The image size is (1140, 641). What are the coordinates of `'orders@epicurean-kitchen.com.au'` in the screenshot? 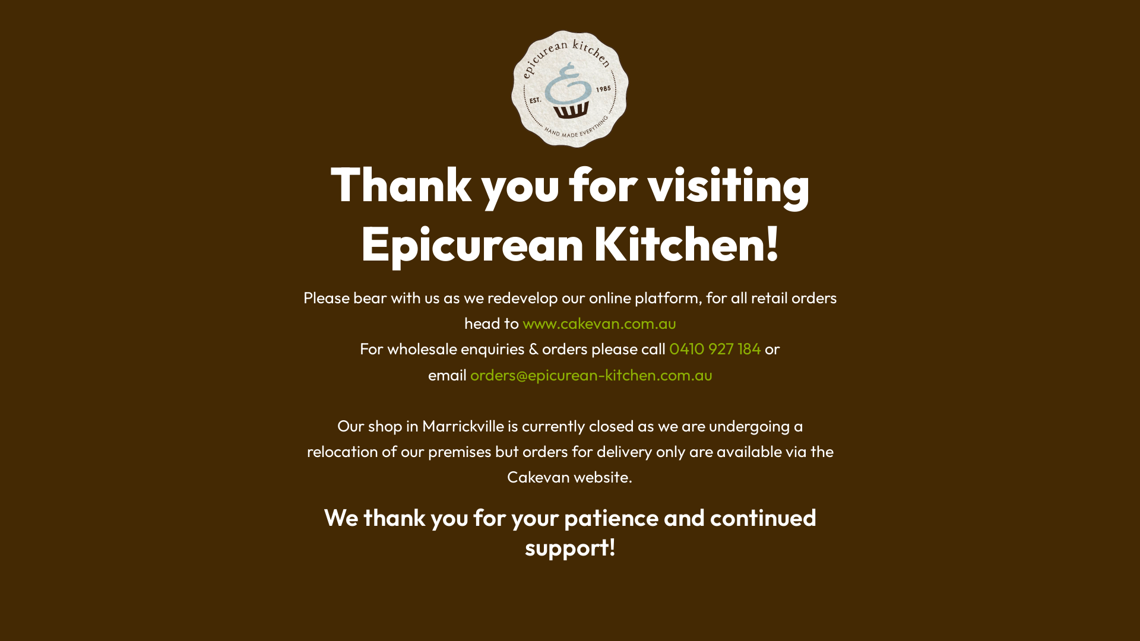 It's located at (591, 375).